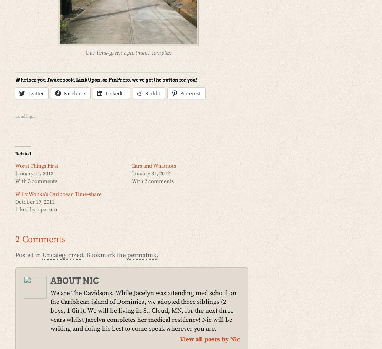 The width and height of the screenshot is (382, 349). Describe the element at coordinates (141, 254) in the screenshot. I see `'permalink'` at that location.